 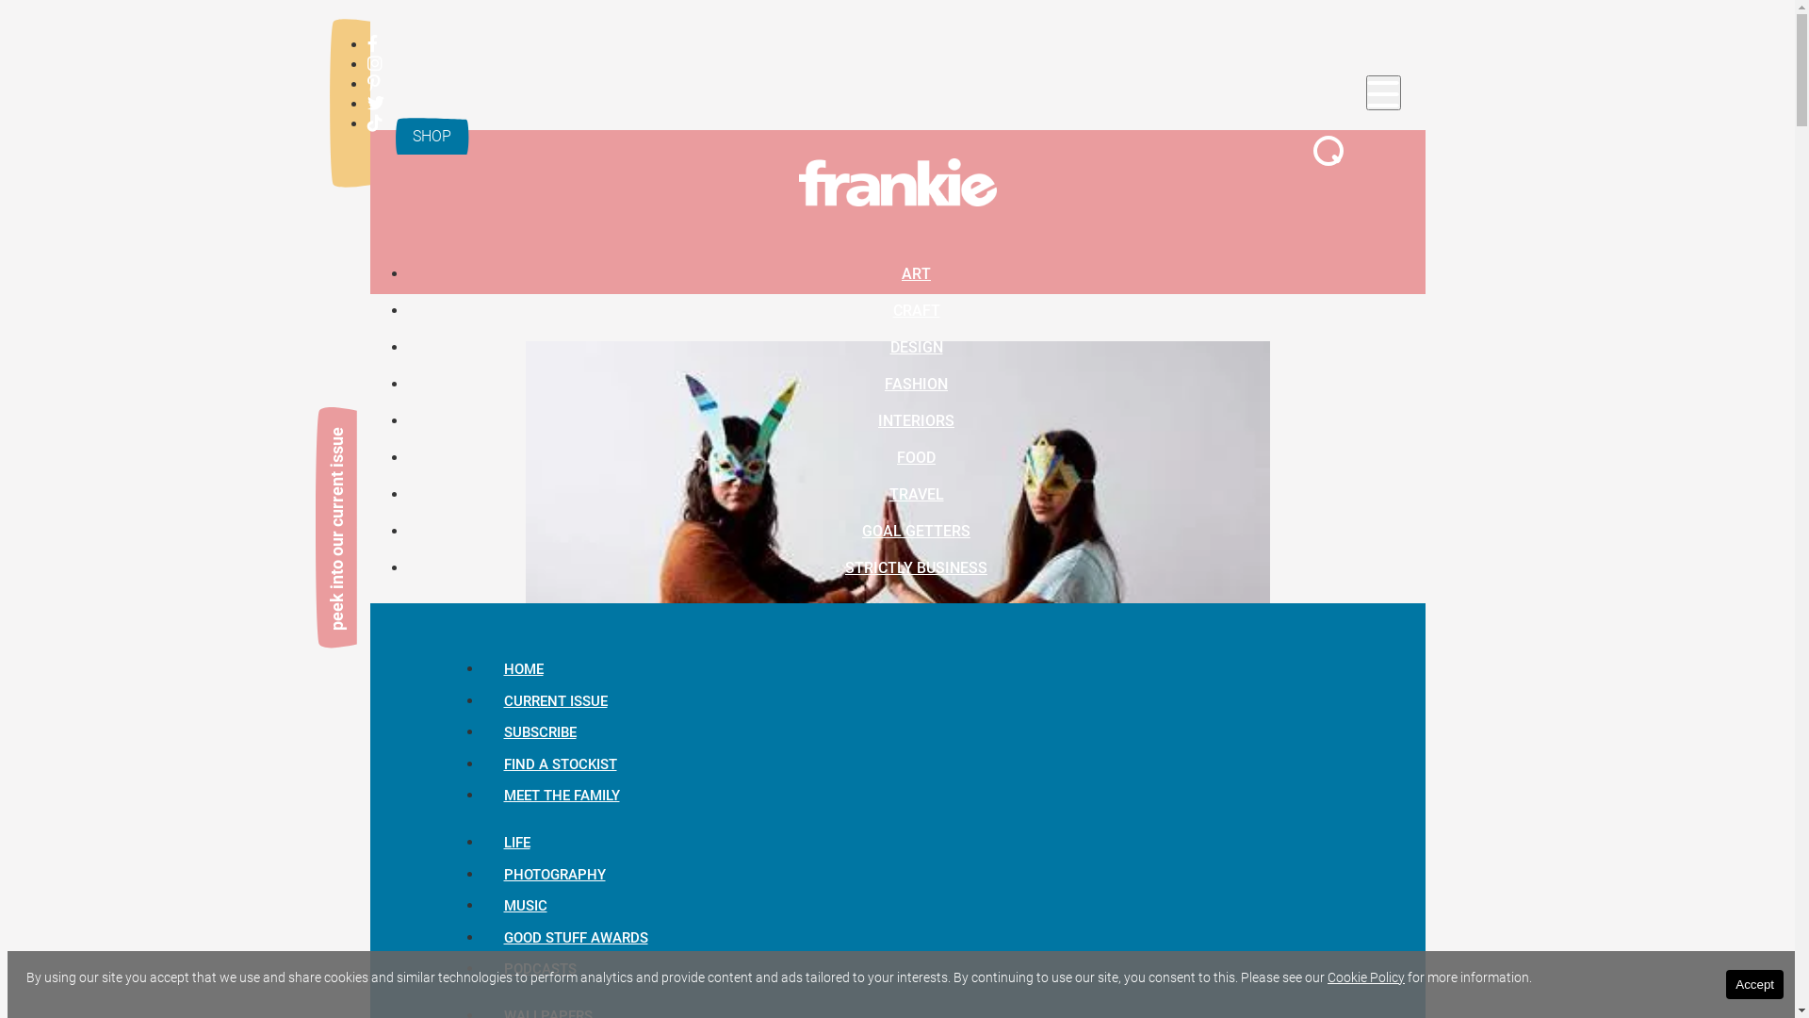 What do you see at coordinates (553, 875) in the screenshot?
I see `'PHOTOGRAPHY'` at bounding box center [553, 875].